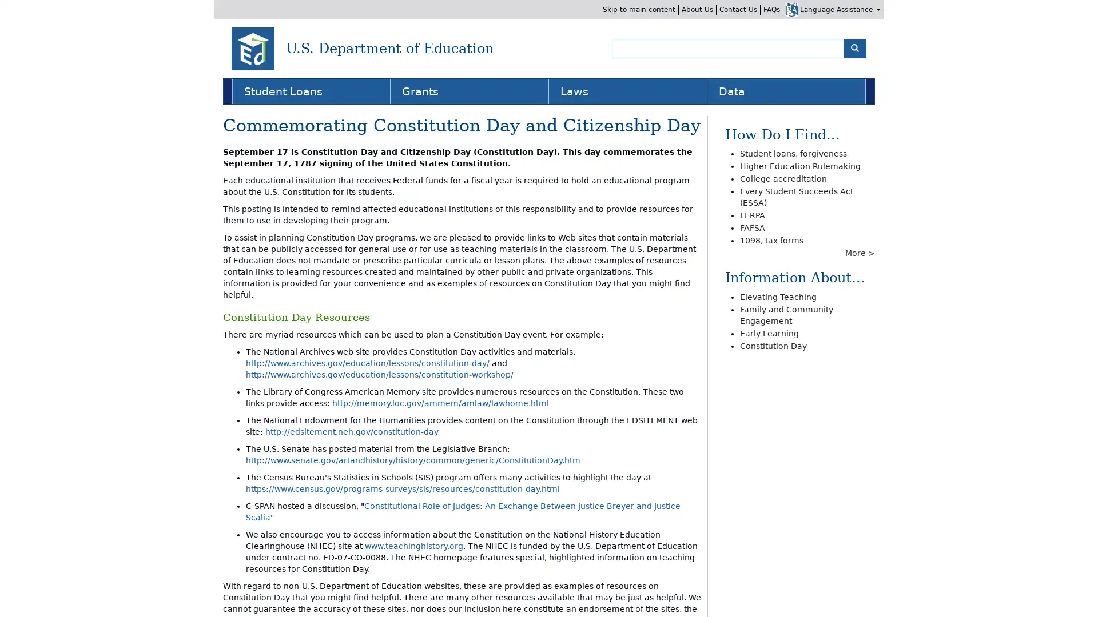 The height and width of the screenshot is (617, 1098). I want to click on Search, so click(854, 47).